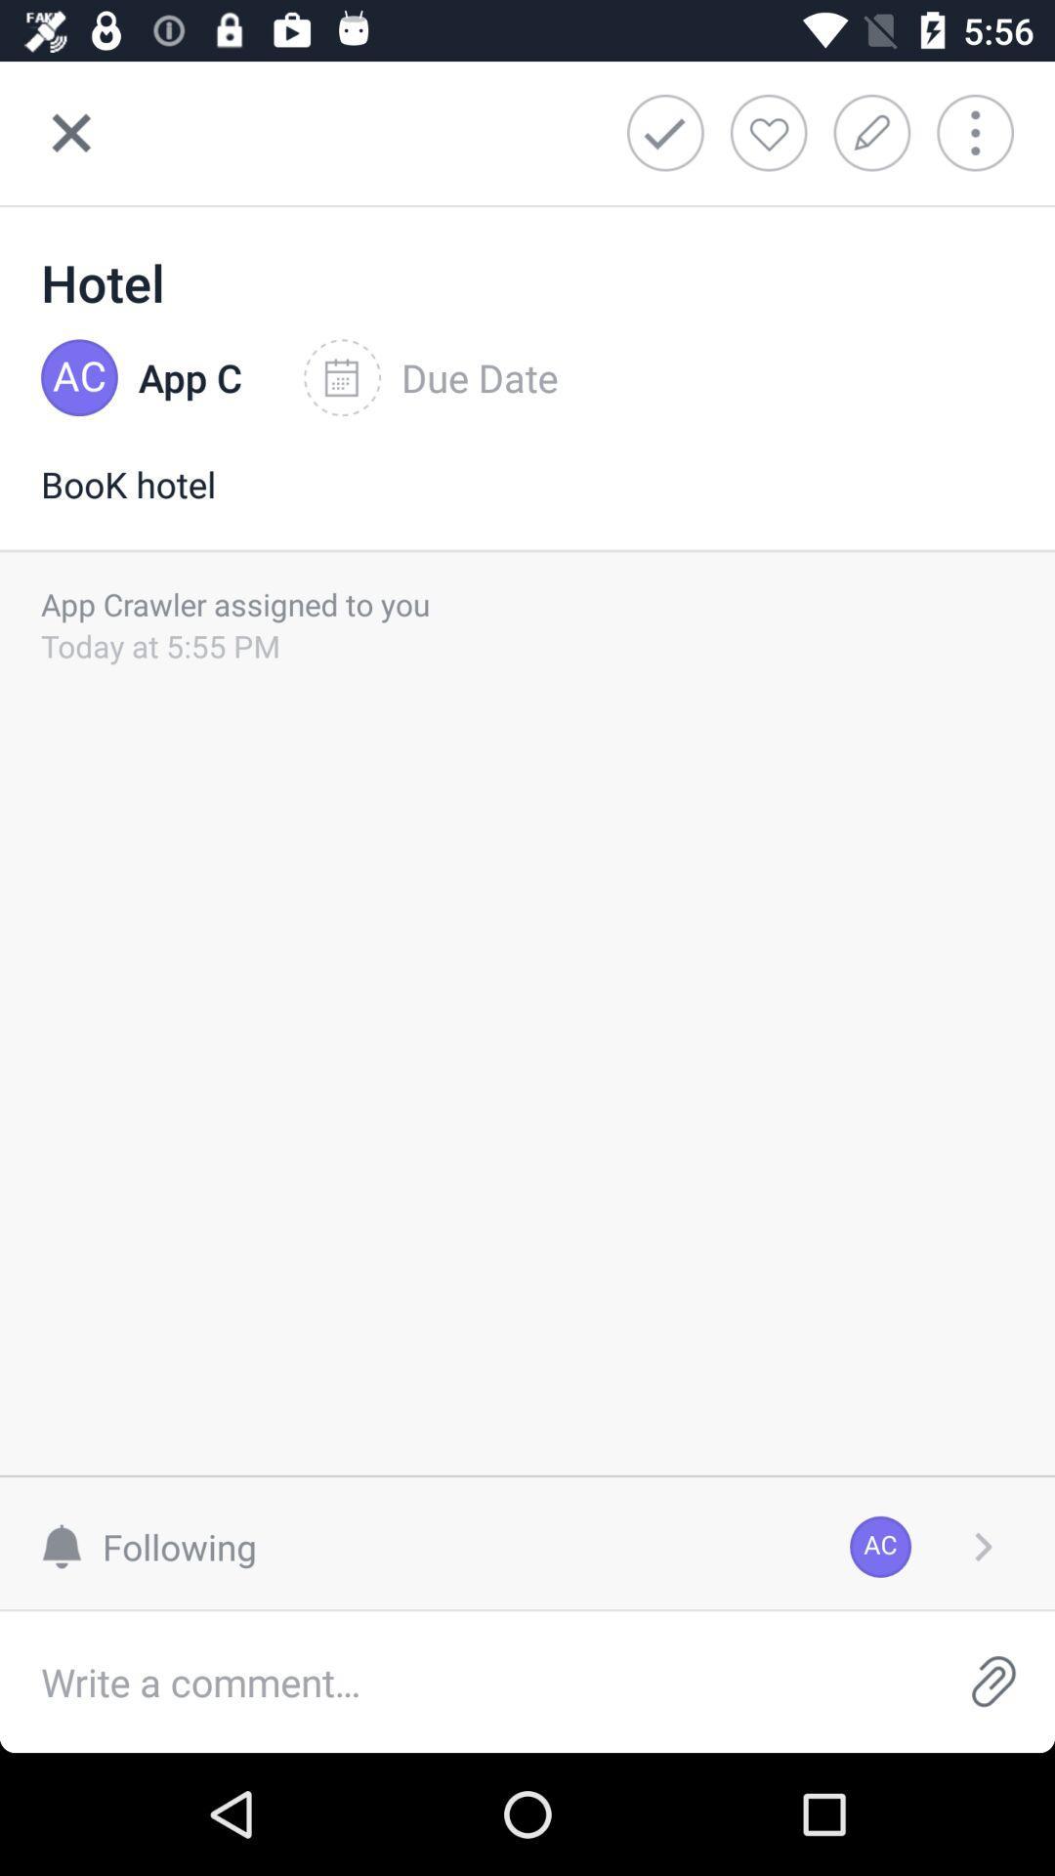 This screenshot has height=1876, width=1055. Describe the element at coordinates (983, 1546) in the screenshot. I see `more options` at that location.